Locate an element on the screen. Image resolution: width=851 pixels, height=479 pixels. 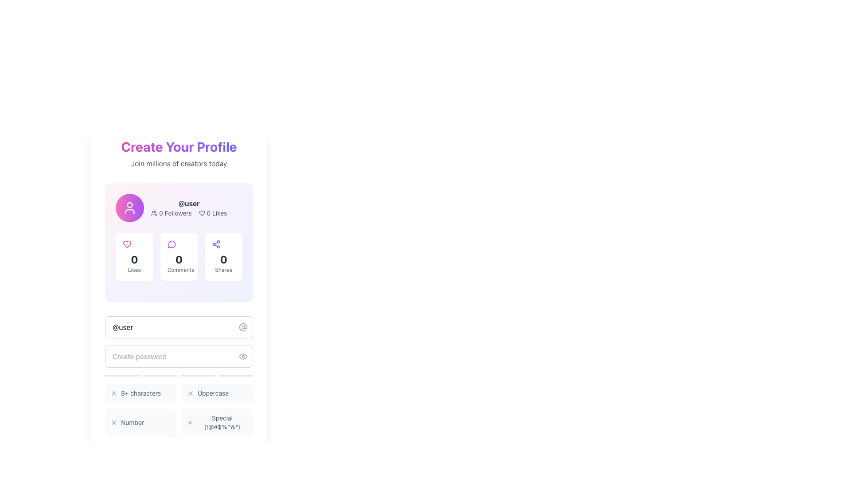
the first progress bar located beneath the password input field, which visually indicates the strength of the entered password is located at coordinates (121, 376).